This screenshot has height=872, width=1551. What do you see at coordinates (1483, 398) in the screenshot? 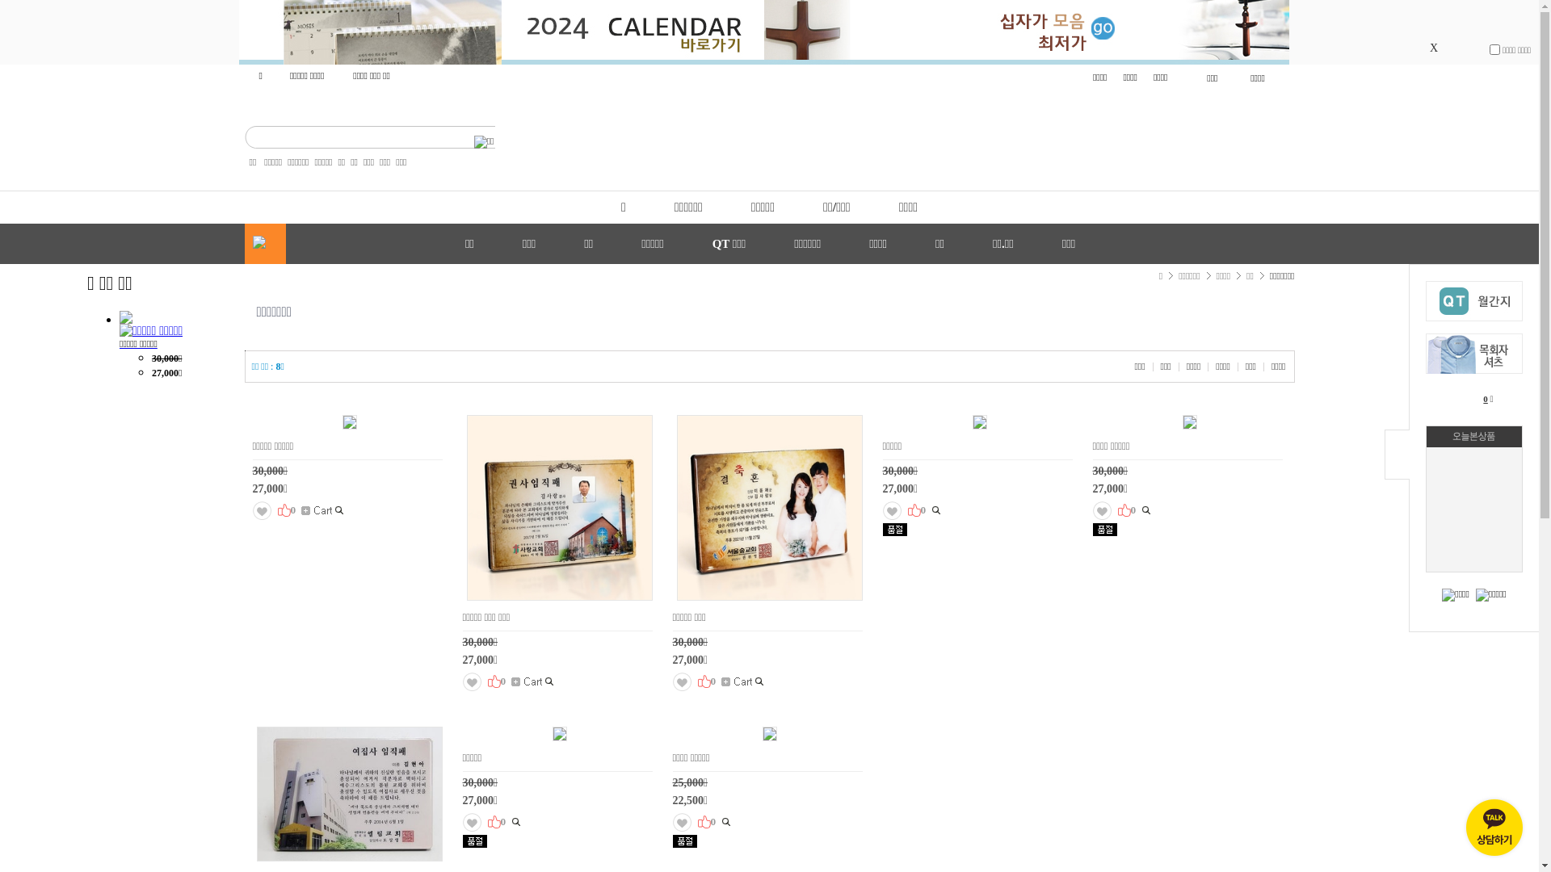
I see `'0'` at bounding box center [1483, 398].